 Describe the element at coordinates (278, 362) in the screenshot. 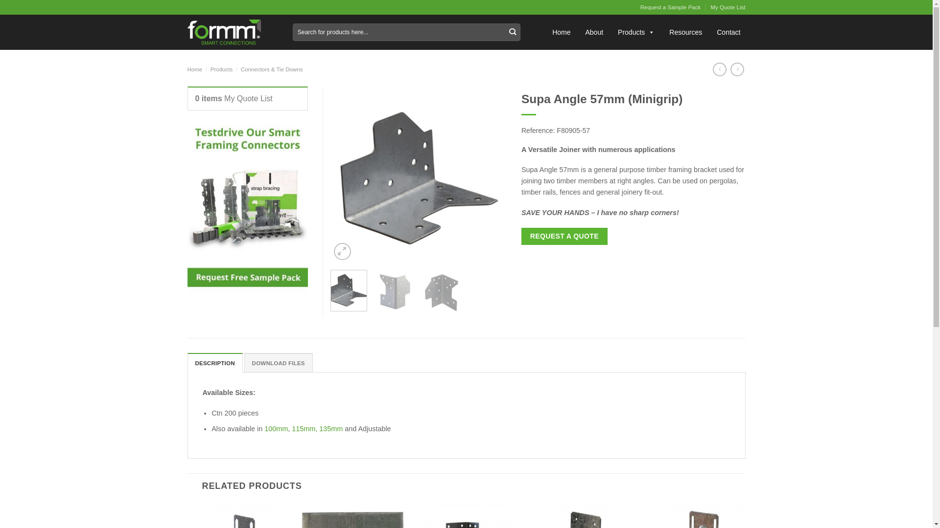

I see `'DOWNLOAD FILES'` at that location.